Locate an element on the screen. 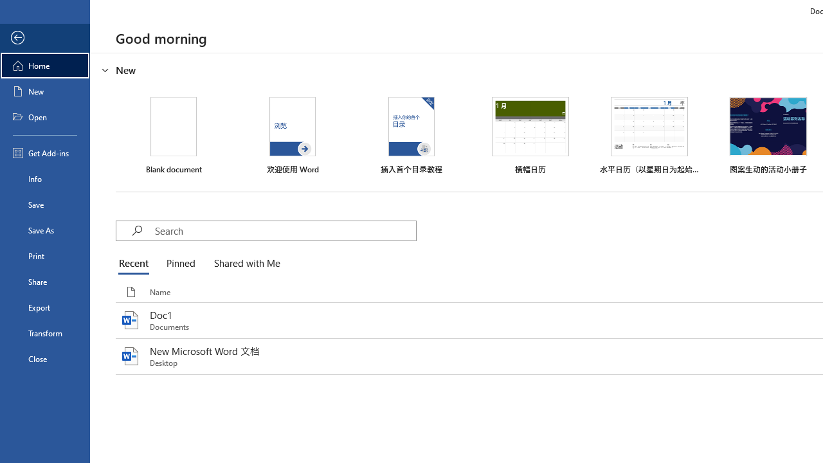 This screenshot has width=823, height=463. 'Recent' is located at coordinates (136, 264).